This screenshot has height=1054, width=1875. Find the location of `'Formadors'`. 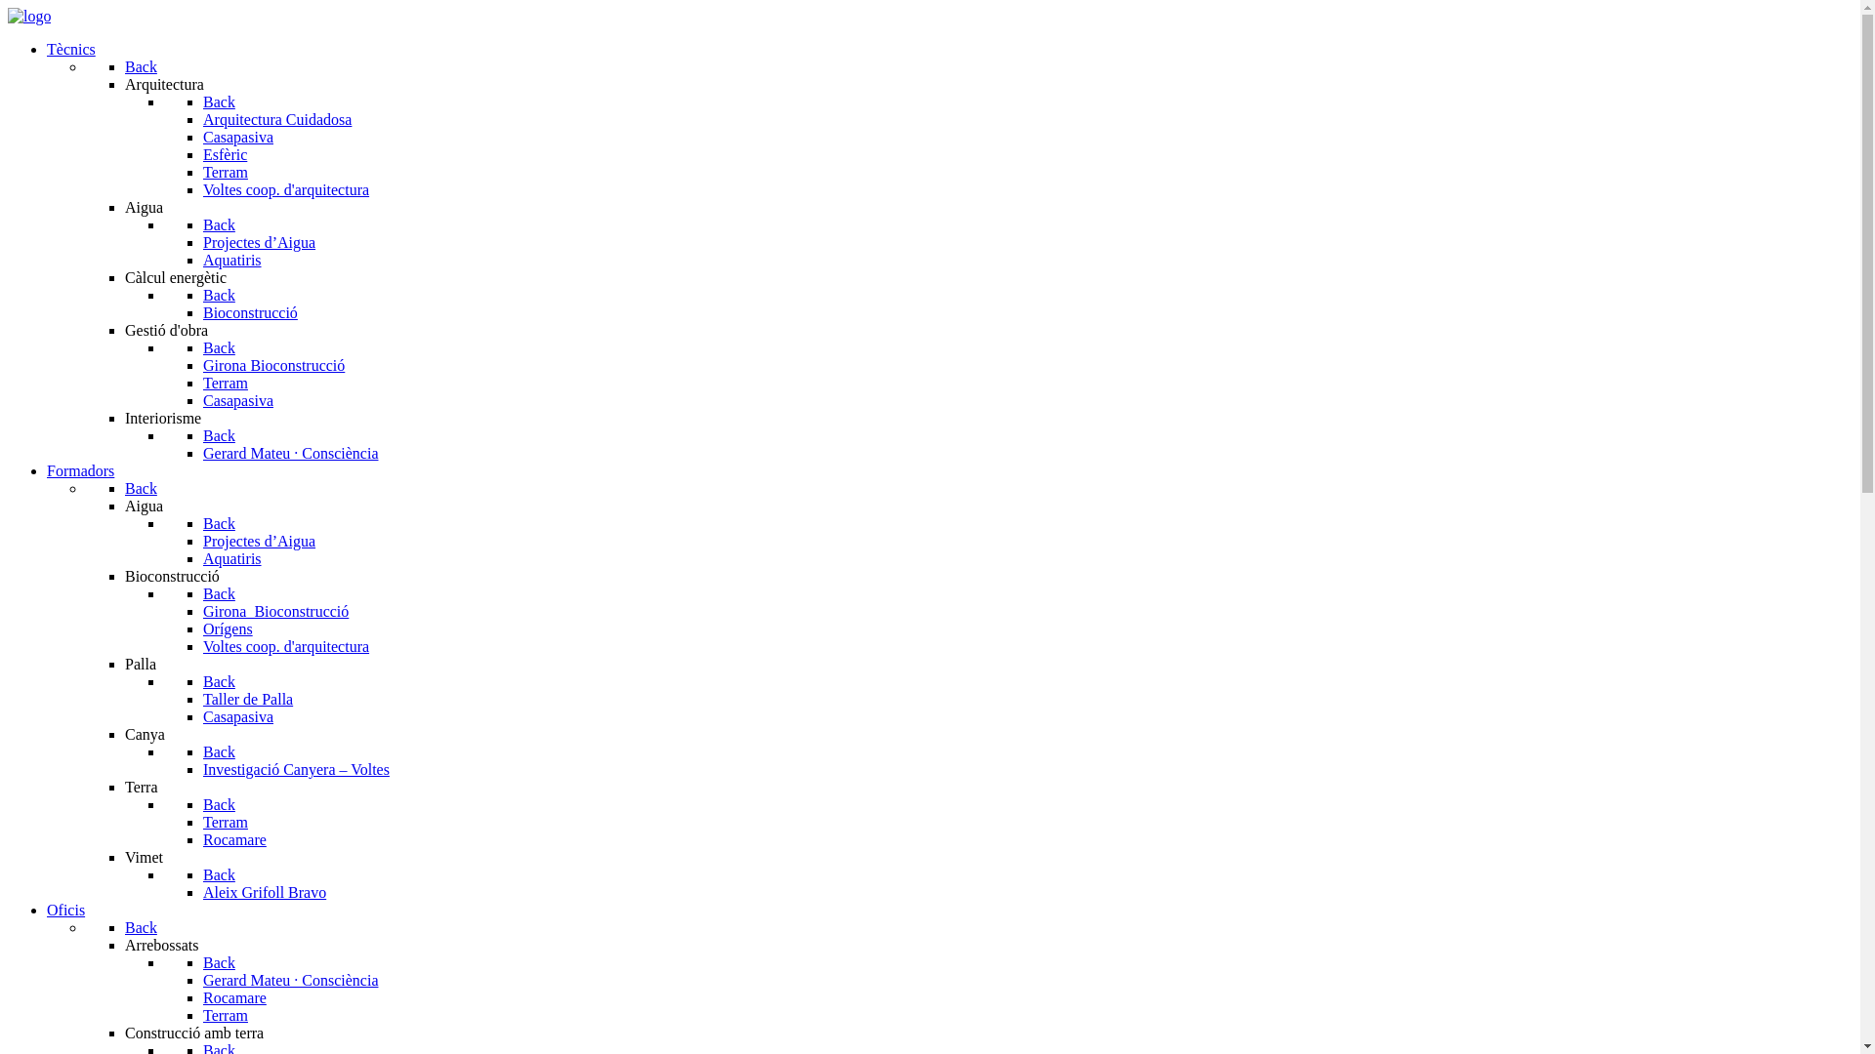

'Formadors' is located at coordinates (79, 470).